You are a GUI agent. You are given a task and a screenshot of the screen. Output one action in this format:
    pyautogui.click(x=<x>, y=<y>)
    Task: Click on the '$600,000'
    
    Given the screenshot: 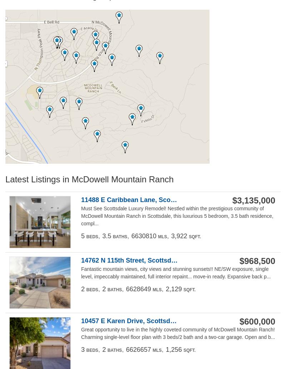 What is the action you would take?
    pyautogui.click(x=257, y=321)
    